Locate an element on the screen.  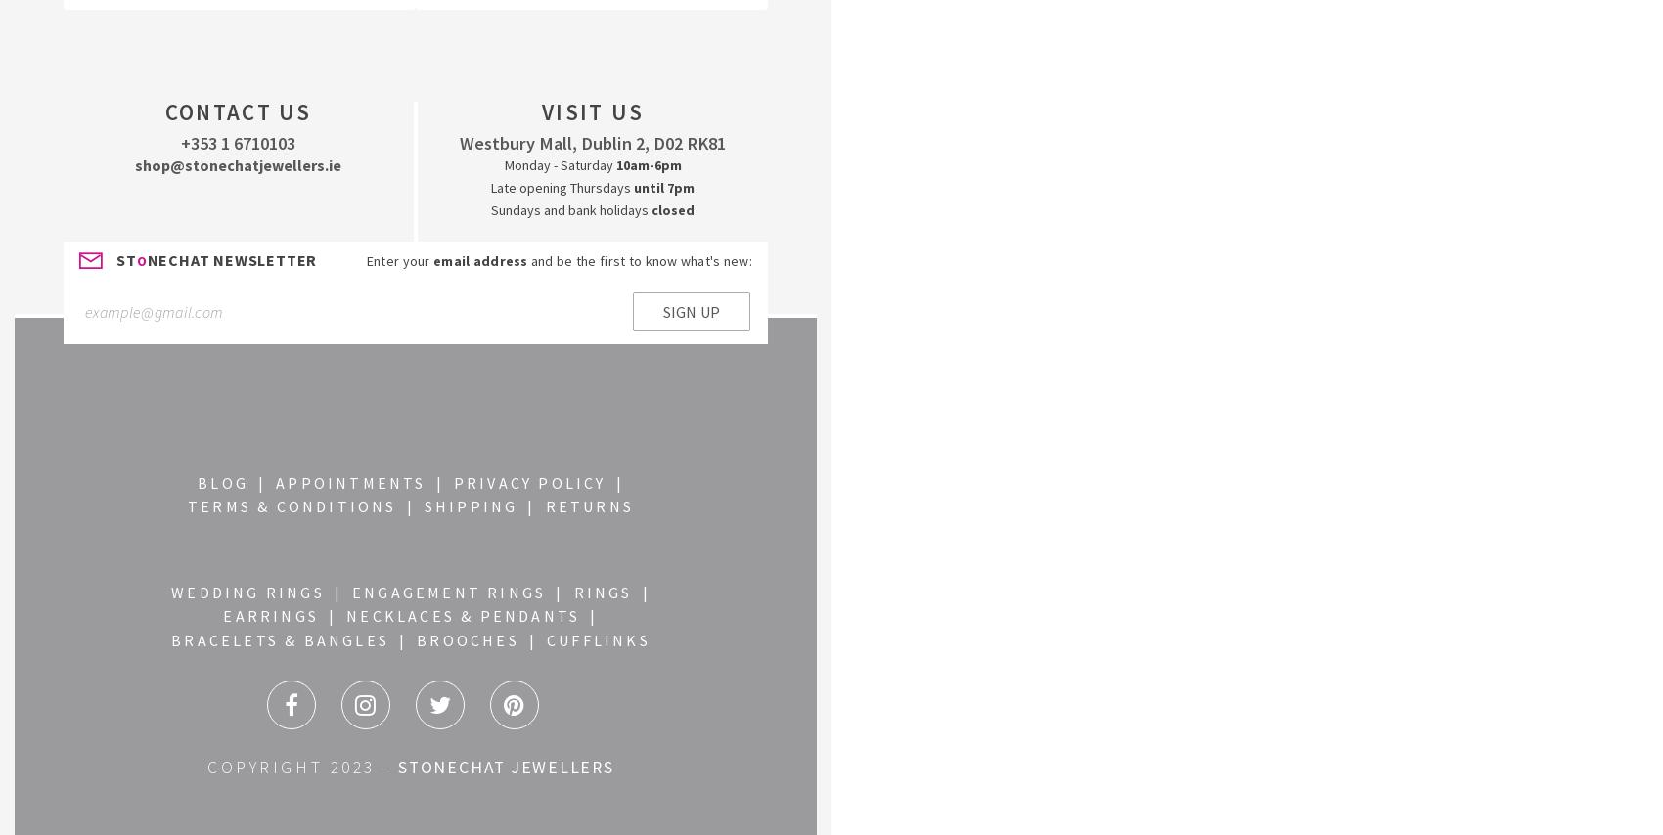
'NECKLACES & PENDANTS' is located at coordinates (463, 614).